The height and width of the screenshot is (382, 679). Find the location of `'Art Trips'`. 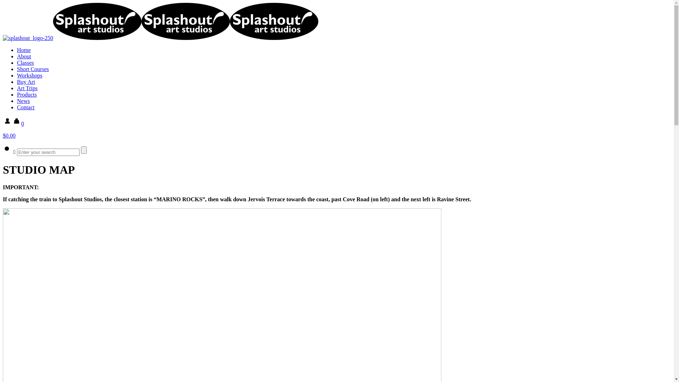

'Art Trips' is located at coordinates (17, 88).